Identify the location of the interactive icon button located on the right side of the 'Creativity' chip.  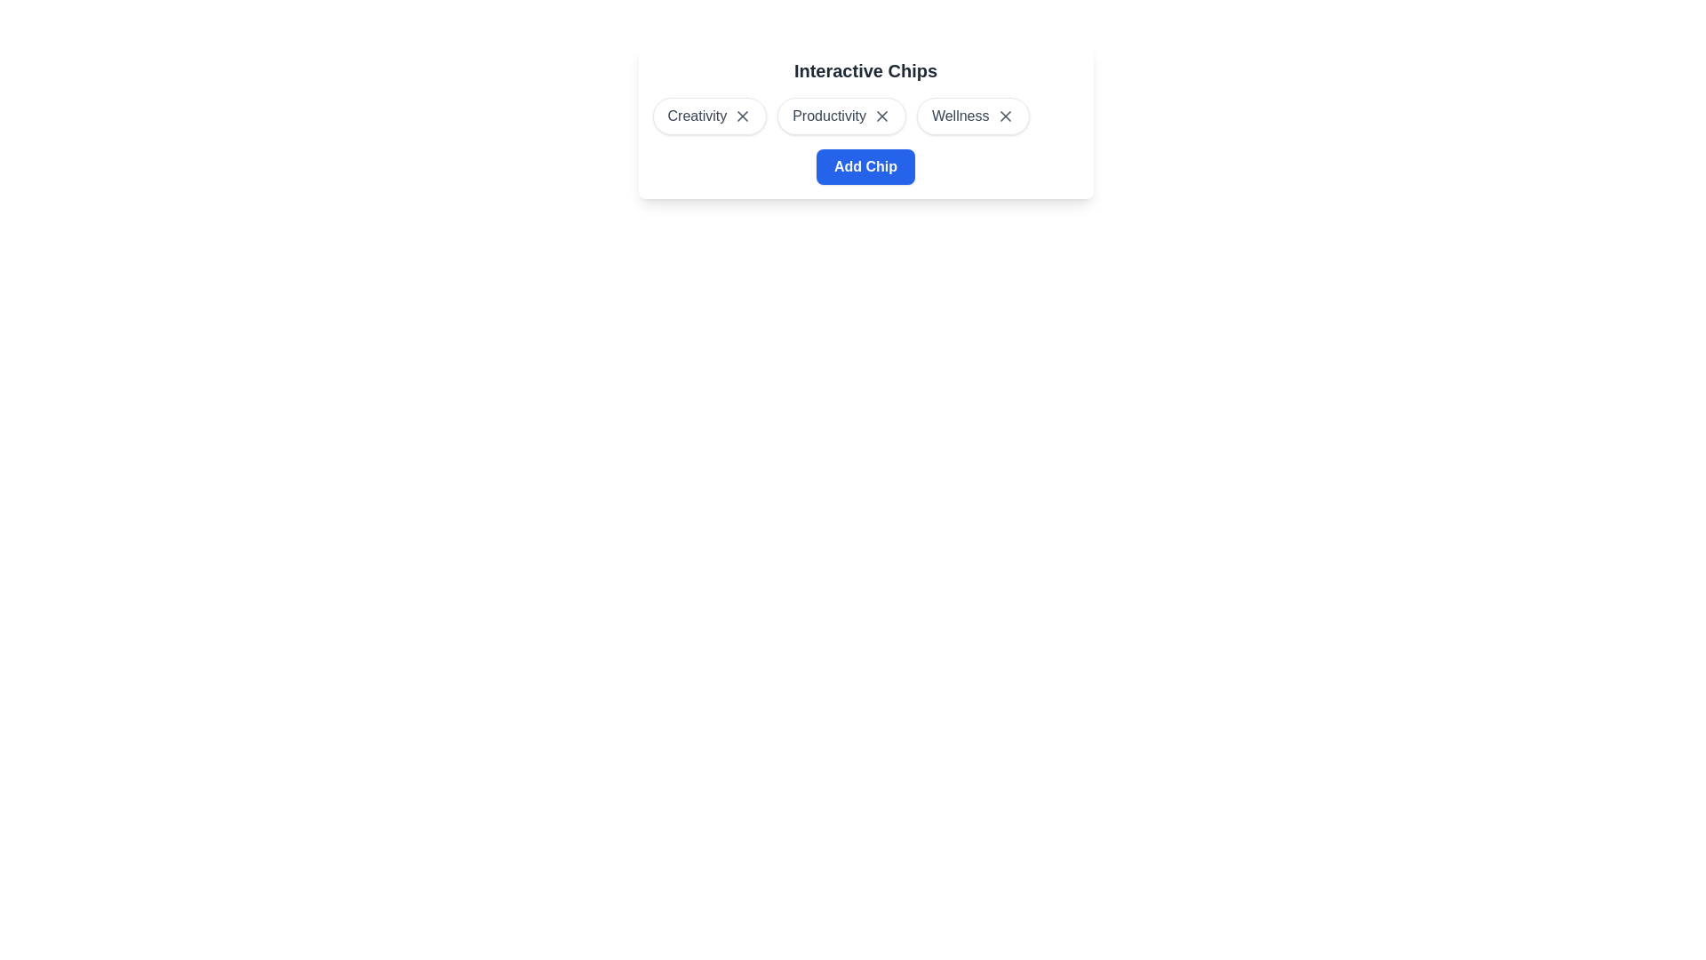
(743, 116).